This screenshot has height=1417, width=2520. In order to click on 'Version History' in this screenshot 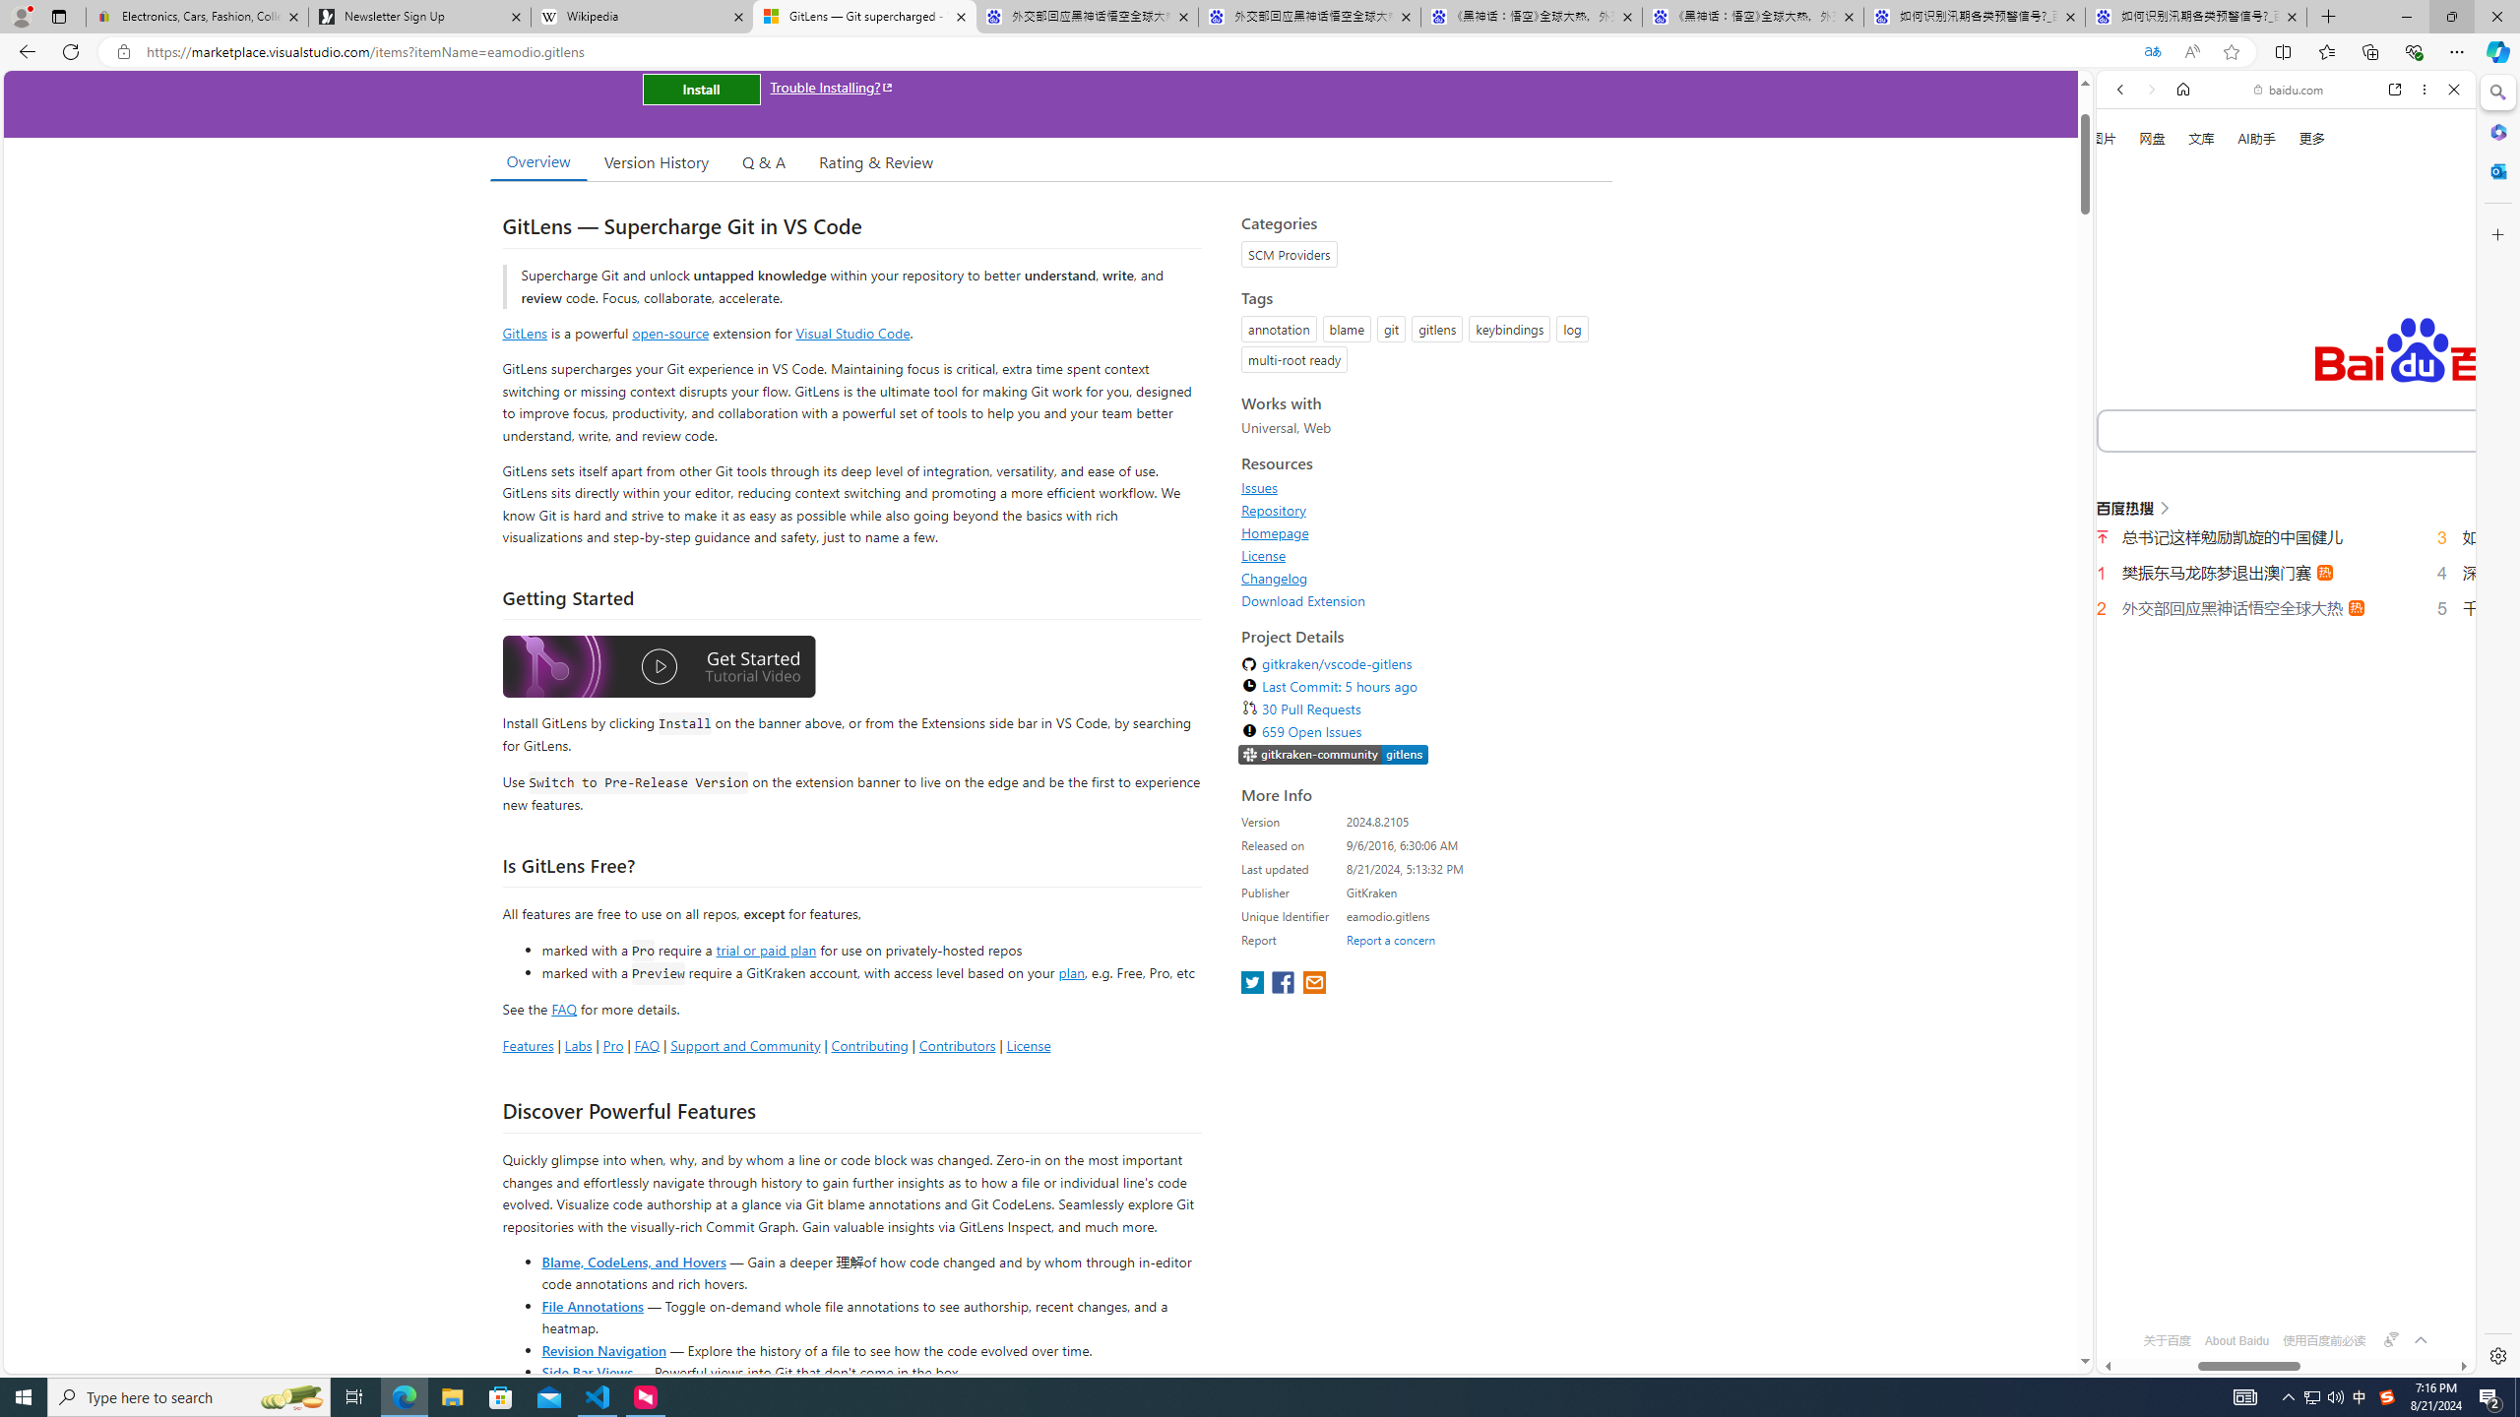, I will do `click(655, 161)`.